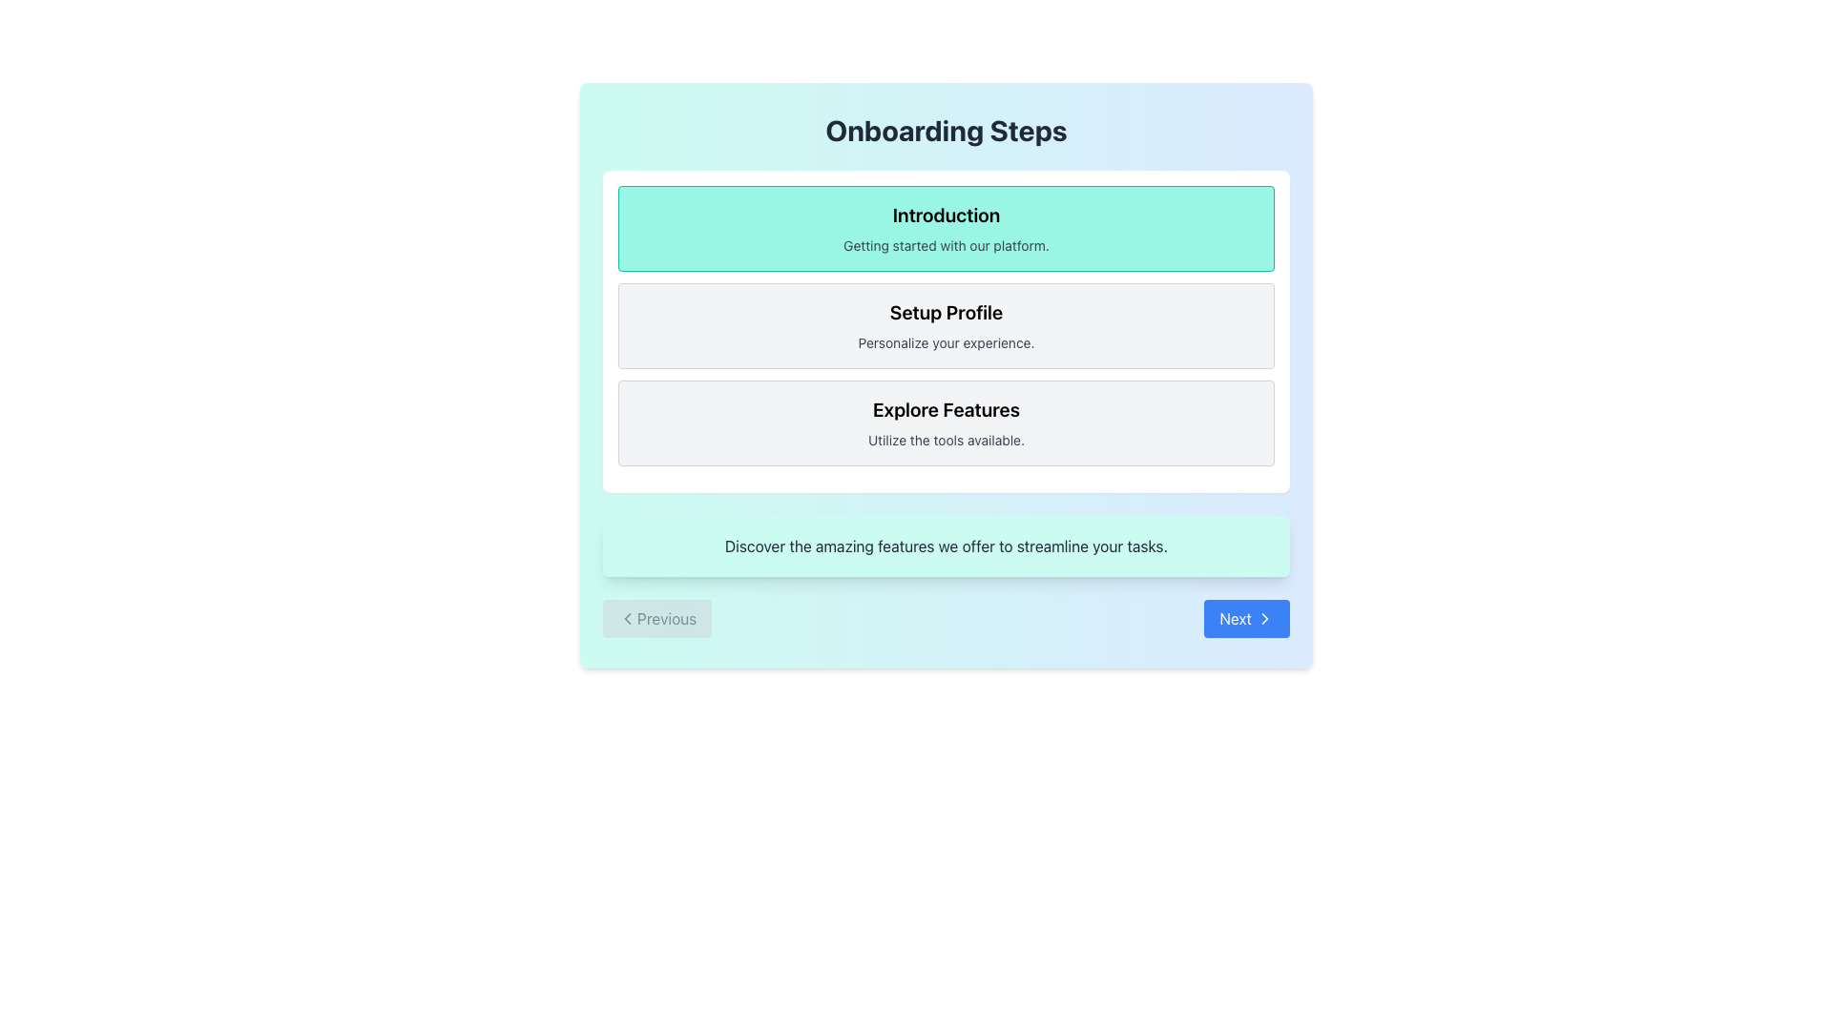 This screenshot has width=1832, height=1030. I want to click on the instructional text box located at the bottom of the 'Onboarding Steps' section, just above the 'Previous' and 'Next' buttons, so click(947, 546).